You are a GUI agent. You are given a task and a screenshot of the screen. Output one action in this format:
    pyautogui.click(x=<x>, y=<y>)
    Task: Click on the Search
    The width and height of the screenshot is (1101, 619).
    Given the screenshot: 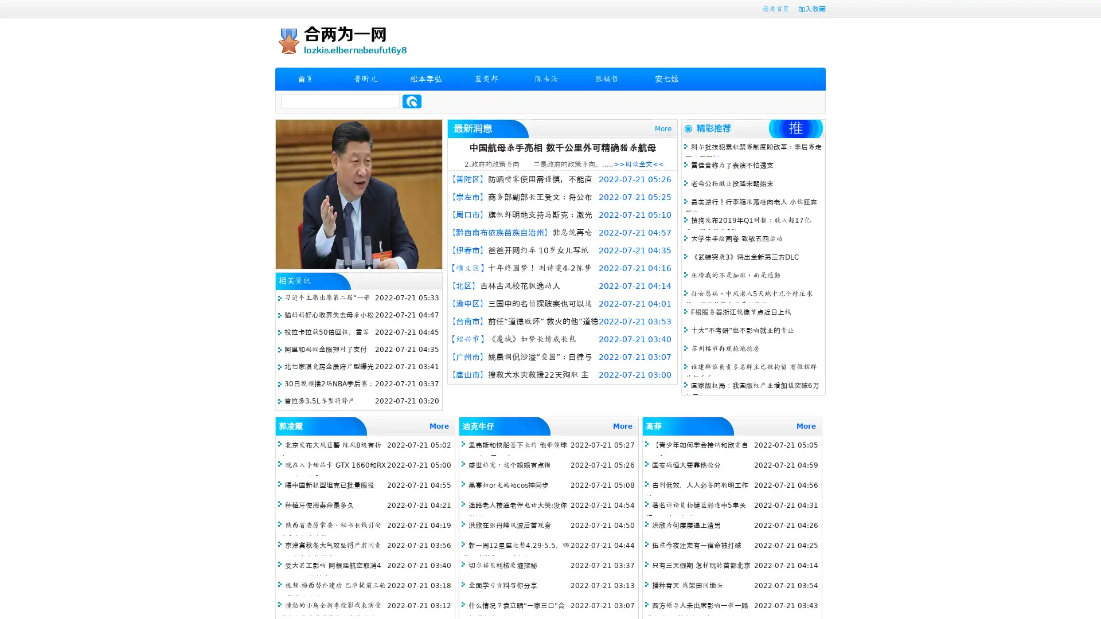 What is the action you would take?
    pyautogui.click(x=412, y=101)
    